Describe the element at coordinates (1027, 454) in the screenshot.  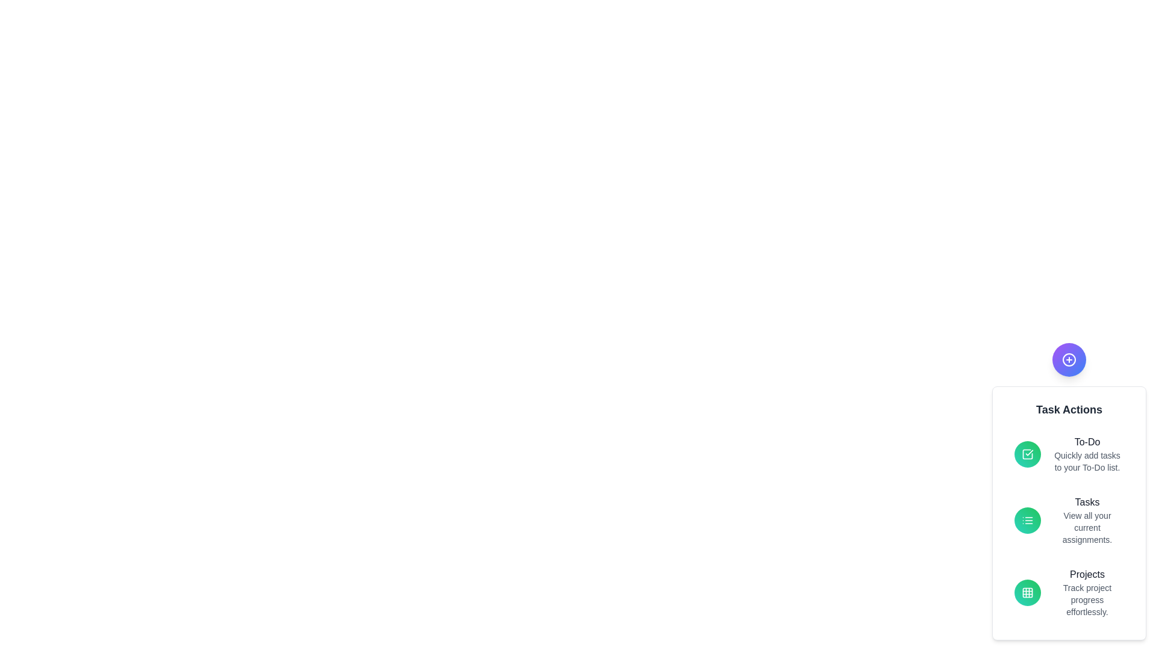
I see `the icon for To-Do in the Task Actions menu` at that location.